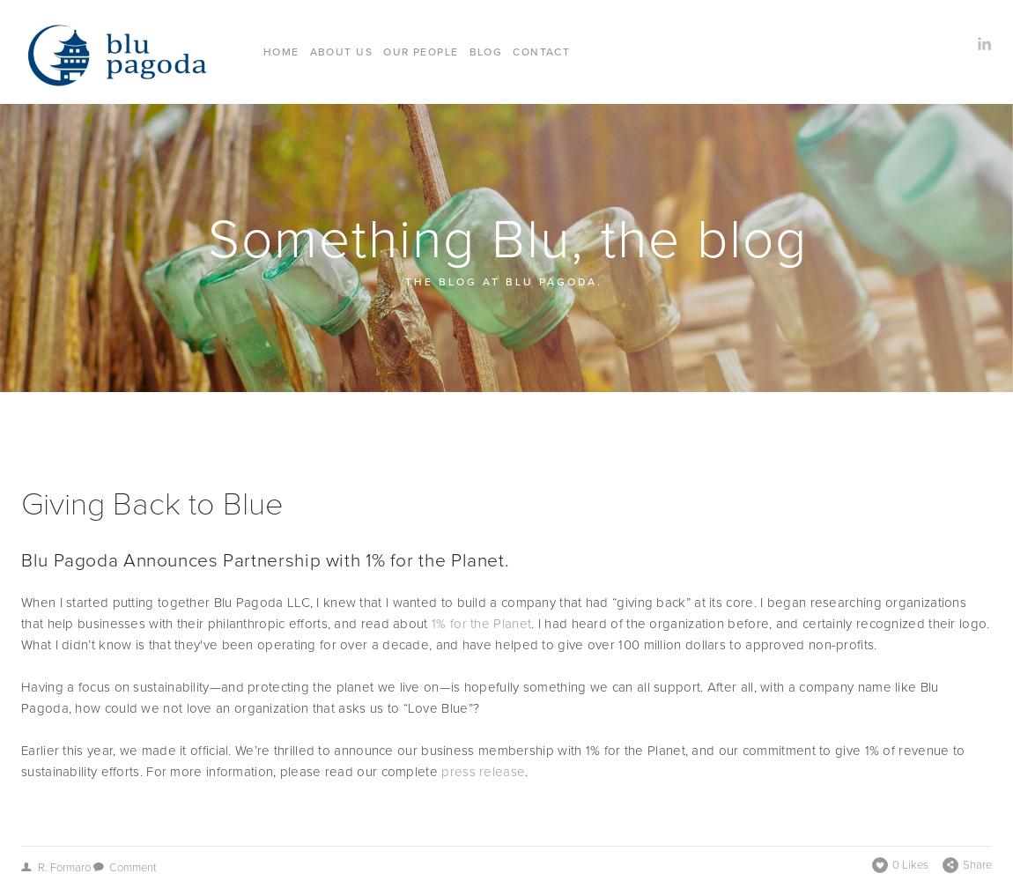 This screenshot has height=881, width=1013. Describe the element at coordinates (484, 51) in the screenshot. I see `'Blog'` at that location.